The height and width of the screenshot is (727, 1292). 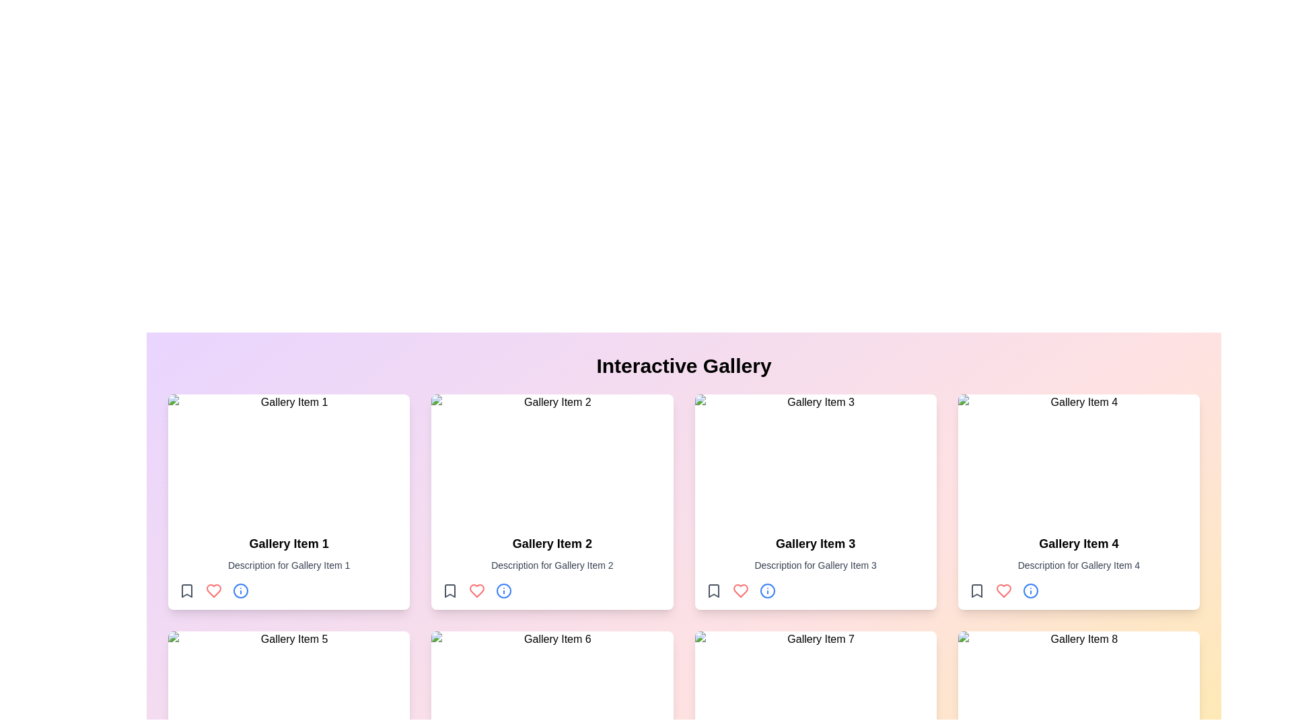 I want to click on the decorative Circle SVG element that is part of the info icon beneath 'Gallery Item 1' in the Interactive Gallery interface for design purposes, so click(x=241, y=590).